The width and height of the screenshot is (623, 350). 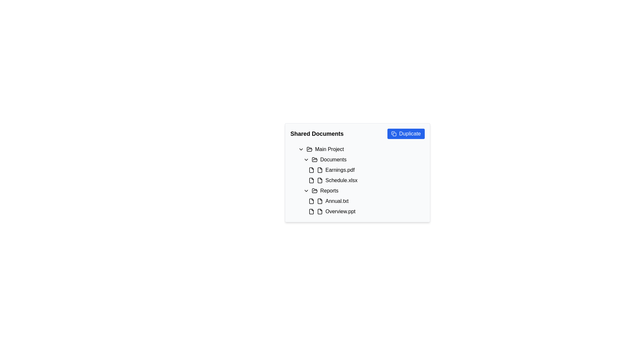 I want to click on the list item labeled 'Overview.ppt', so click(x=365, y=211).